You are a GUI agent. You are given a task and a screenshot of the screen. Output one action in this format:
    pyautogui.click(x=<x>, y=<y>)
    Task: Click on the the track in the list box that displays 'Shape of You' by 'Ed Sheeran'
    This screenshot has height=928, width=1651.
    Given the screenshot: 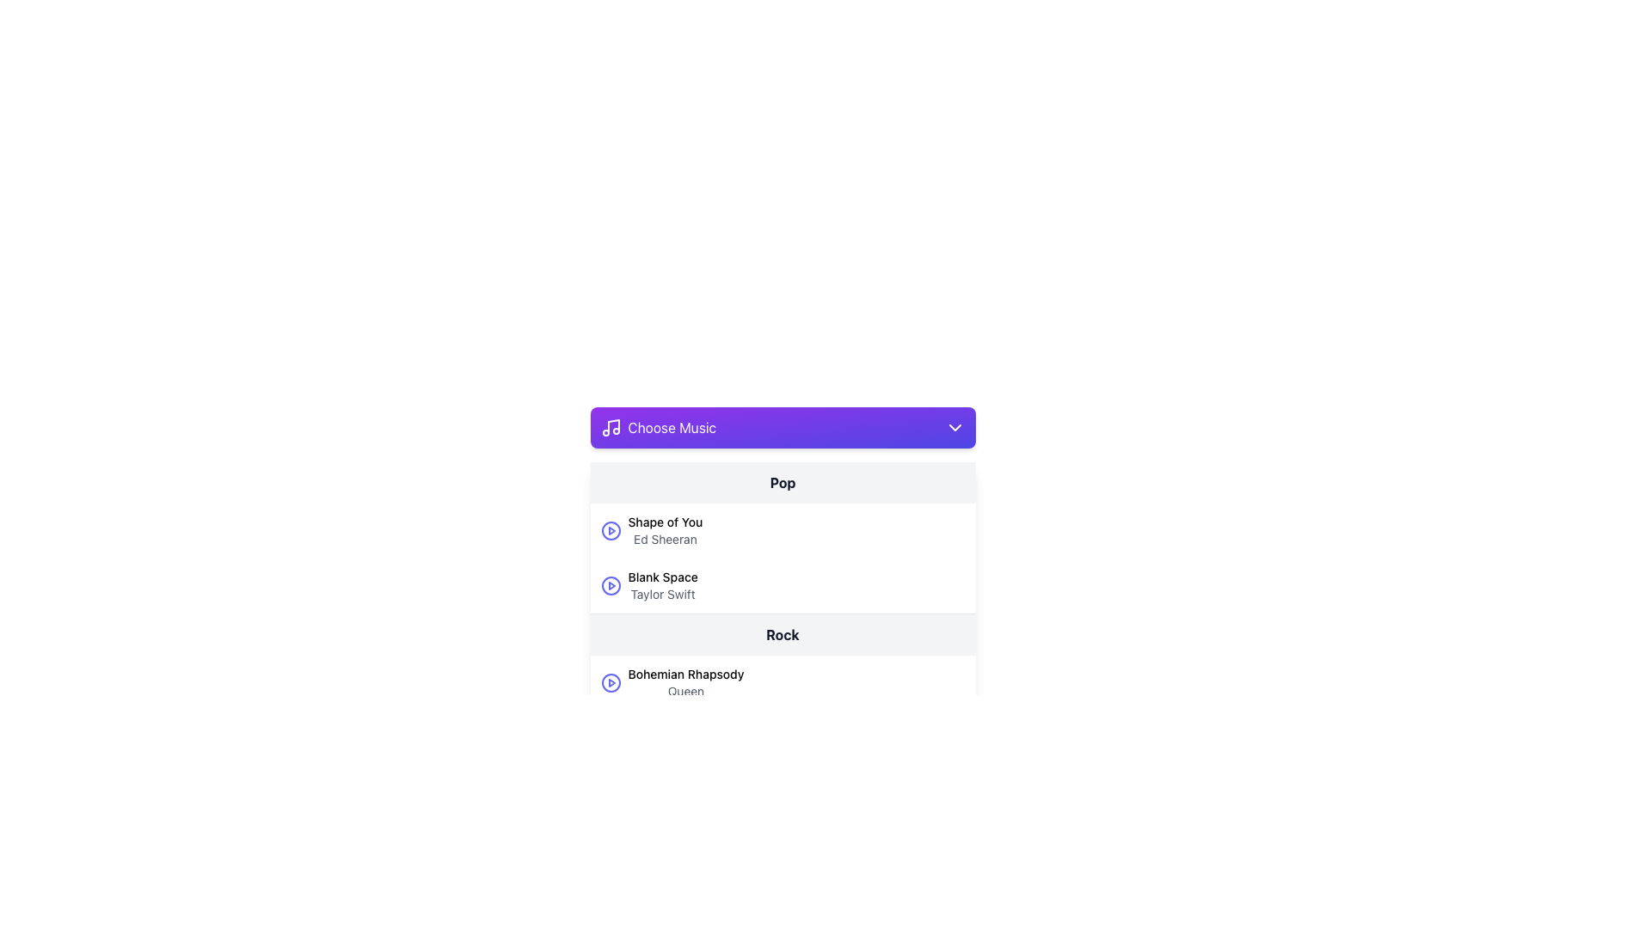 What is the action you would take?
    pyautogui.click(x=782, y=537)
    